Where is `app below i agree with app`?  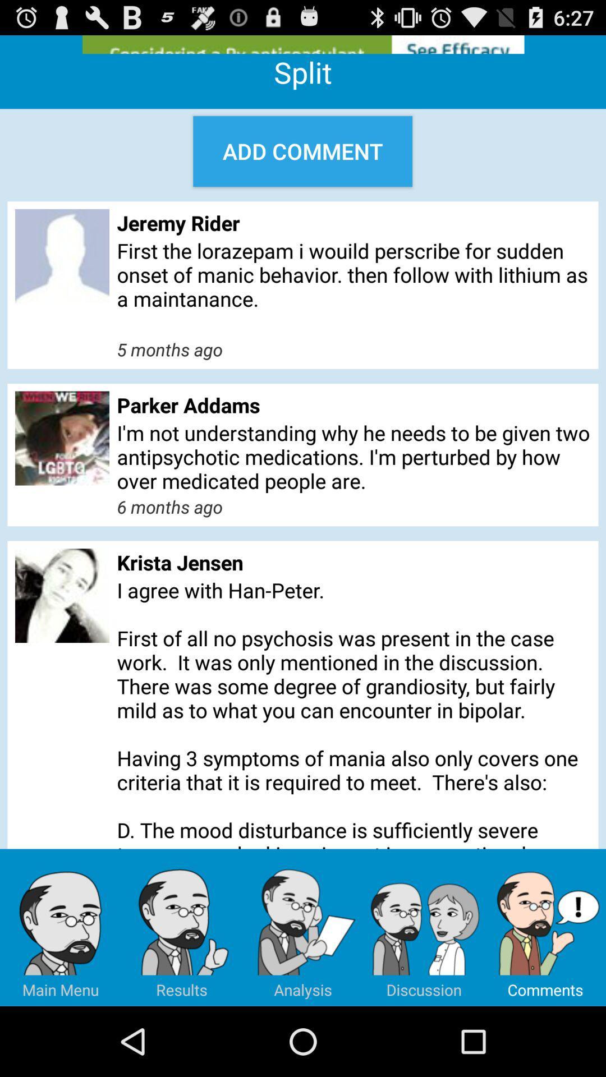 app below i agree with app is located at coordinates (303, 927).